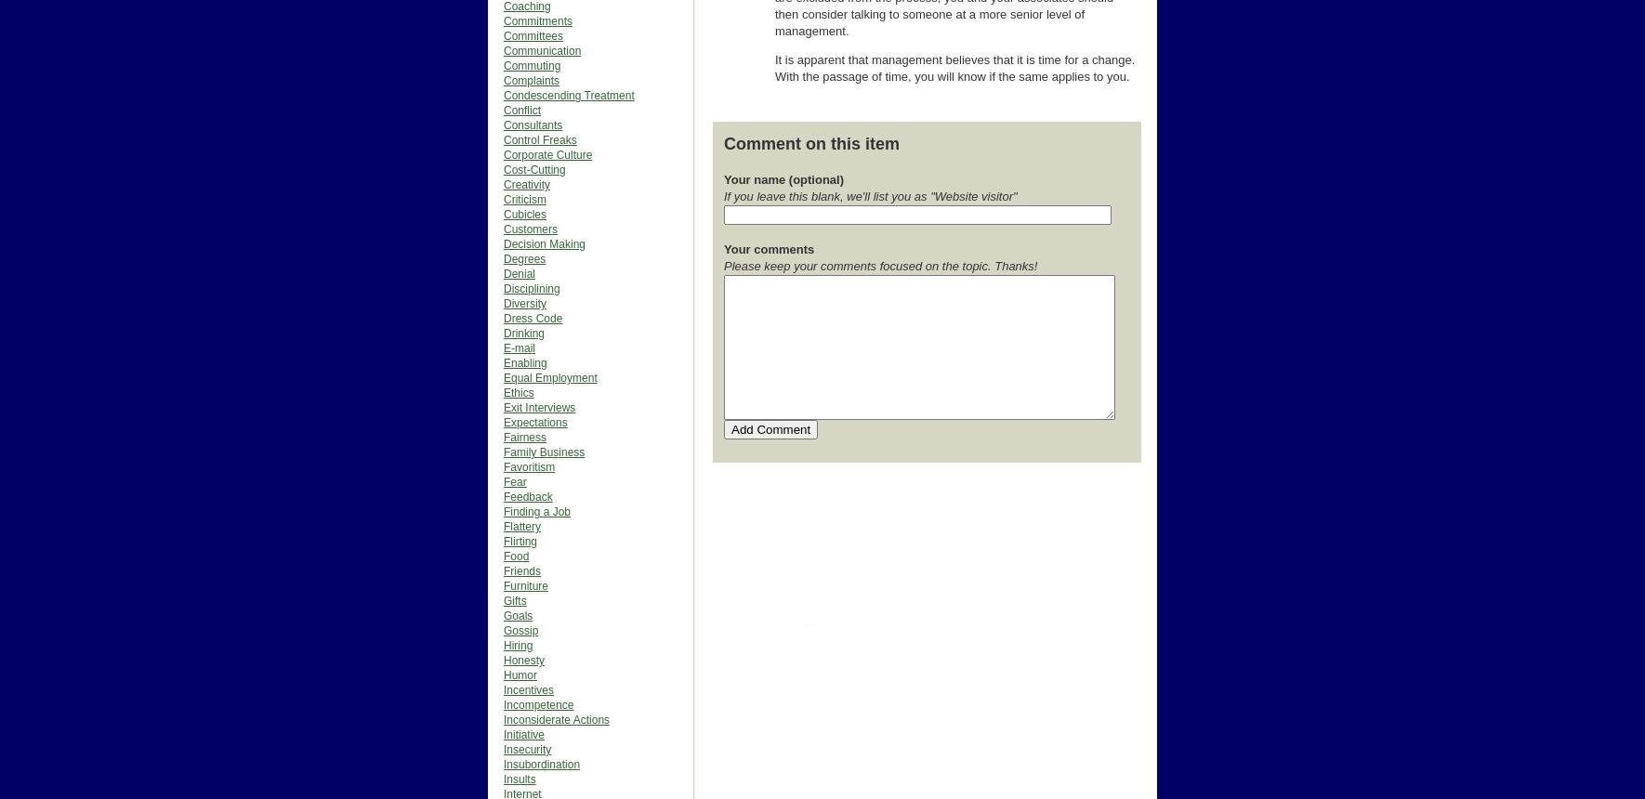 Image resolution: width=1645 pixels, height=799 pixels. What do you see at coordinates (520, 674) in the screenshot?
I see `'Humor'` at bounding box center [520, 674].